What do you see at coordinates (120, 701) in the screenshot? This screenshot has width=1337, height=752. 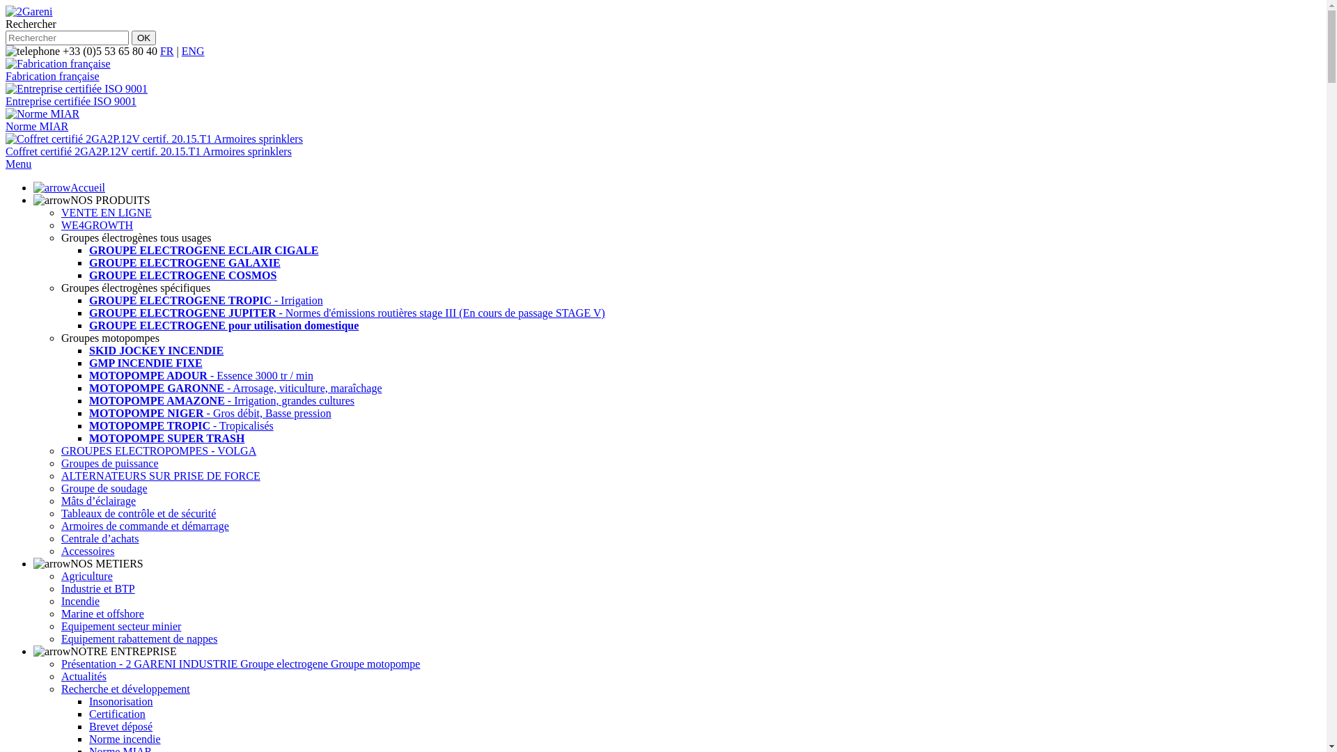 I see `'Insonorisation'` at bounding box center [120, 701].